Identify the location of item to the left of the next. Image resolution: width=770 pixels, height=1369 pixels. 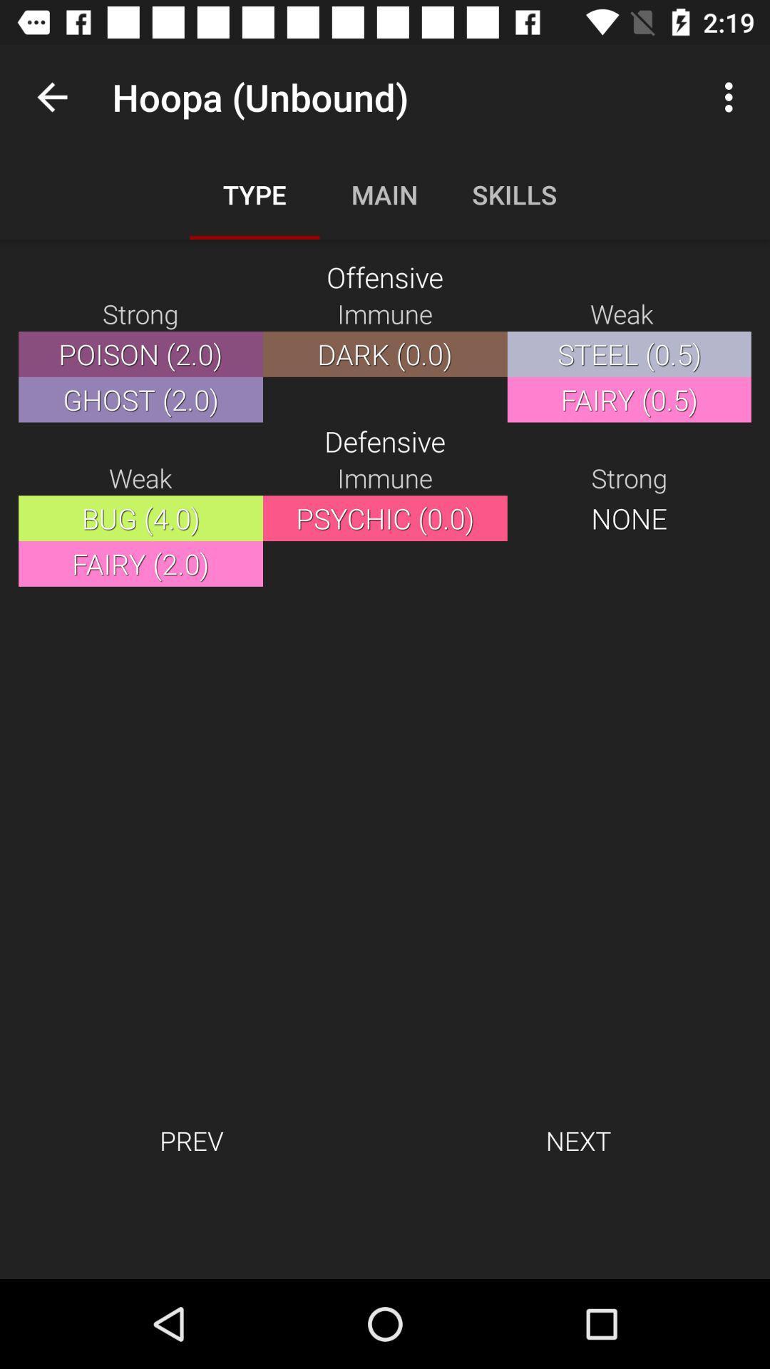
(190, 1139).